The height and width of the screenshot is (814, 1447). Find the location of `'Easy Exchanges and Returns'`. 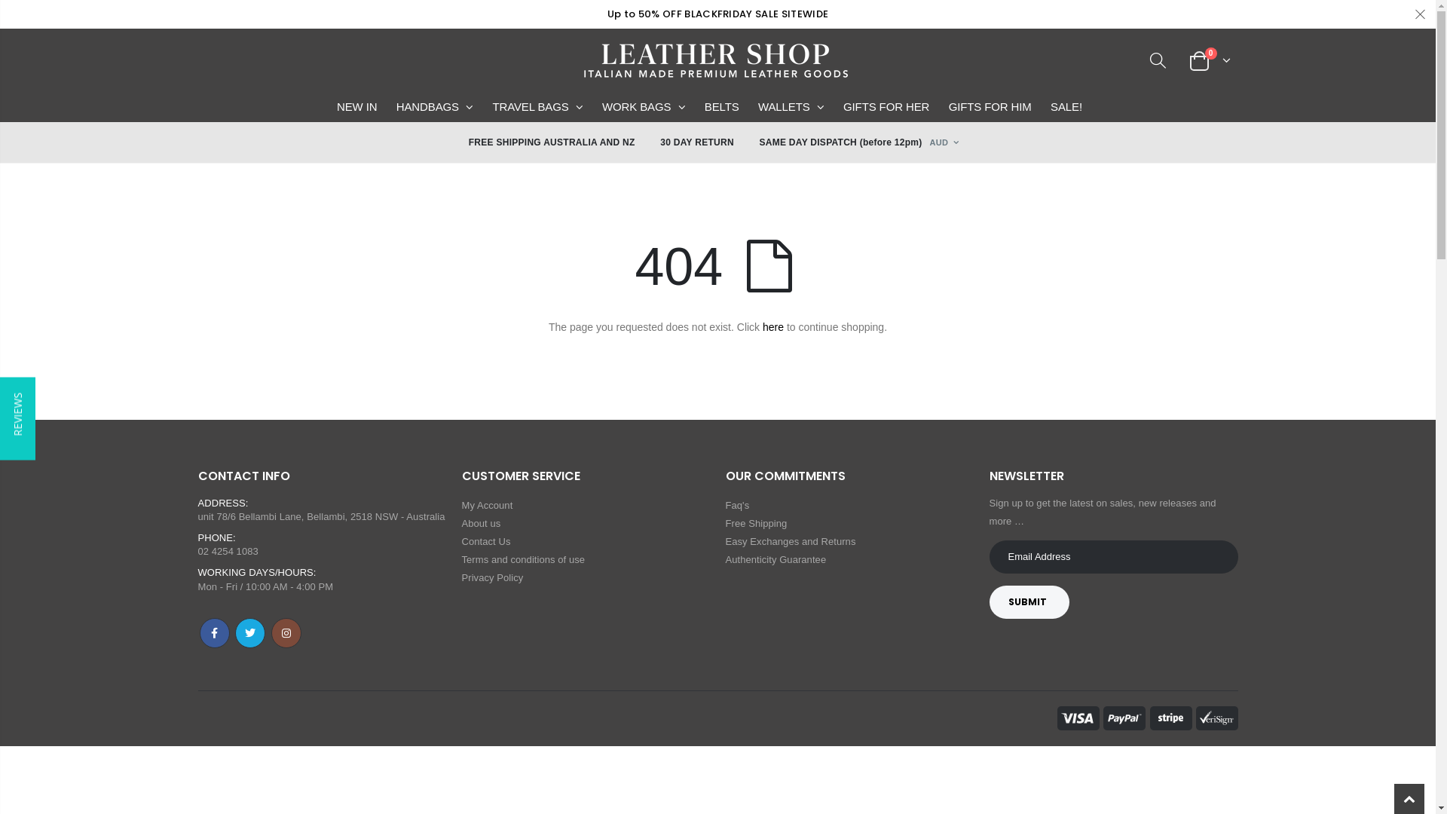

'Easy Exchanges and Returns' is located at coordinates (789, 540).